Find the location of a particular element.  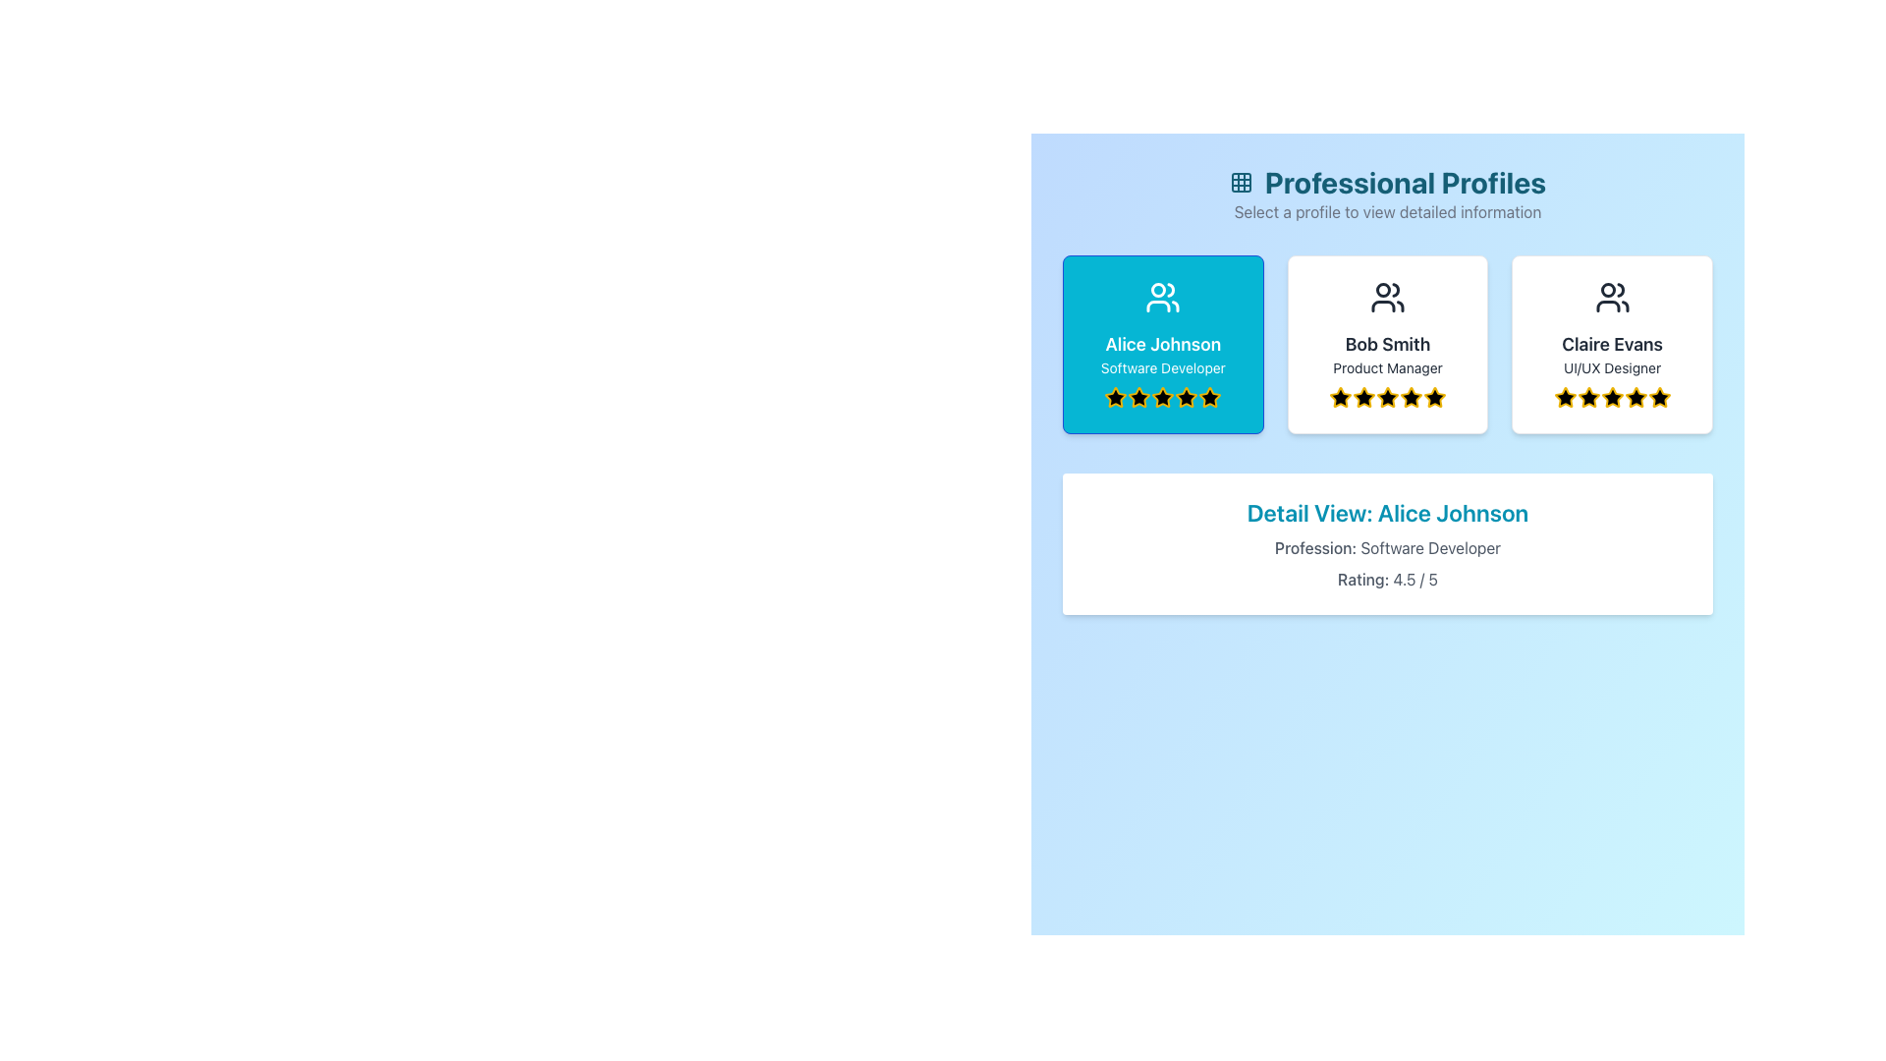

the fifth star icon in the rating section of the profile card labeled 'Claire Evans - UI/UX Designer' is located at coordinates (1658, 398).